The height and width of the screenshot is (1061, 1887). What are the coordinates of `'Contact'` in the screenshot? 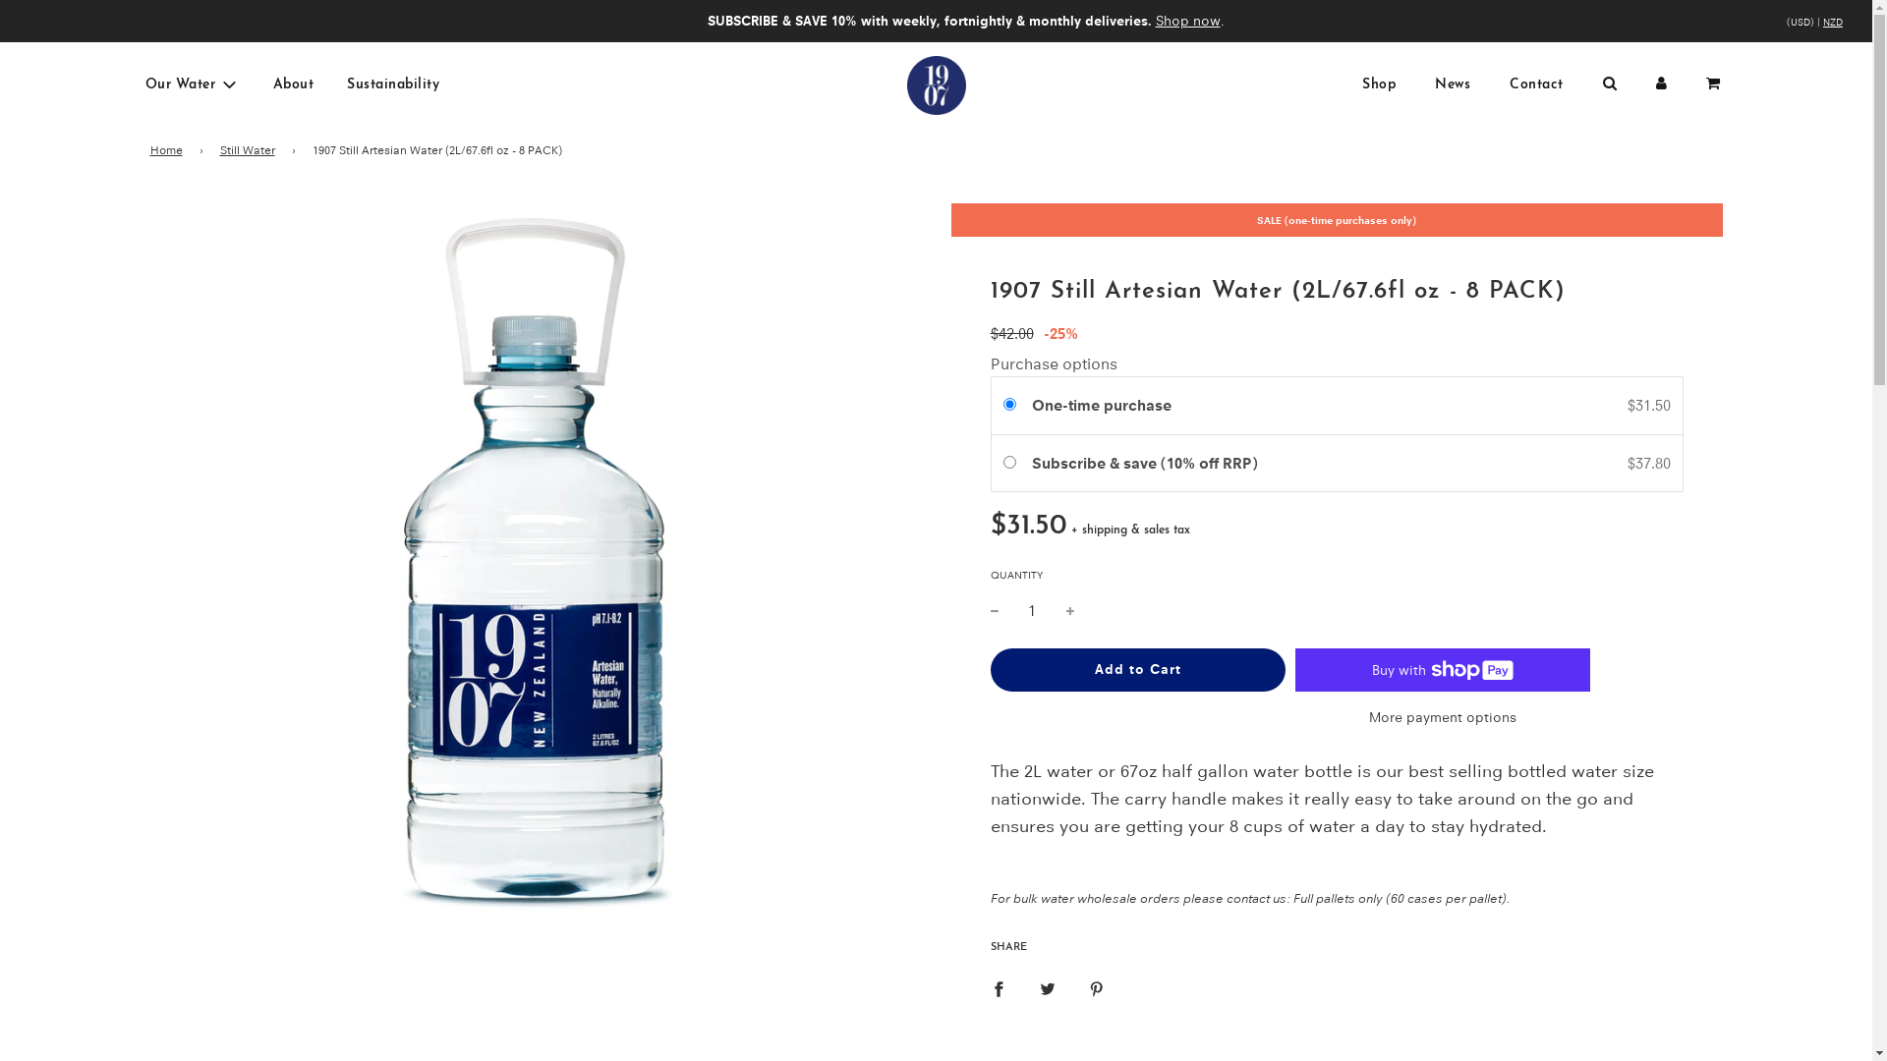 It's located at (1535, 84).